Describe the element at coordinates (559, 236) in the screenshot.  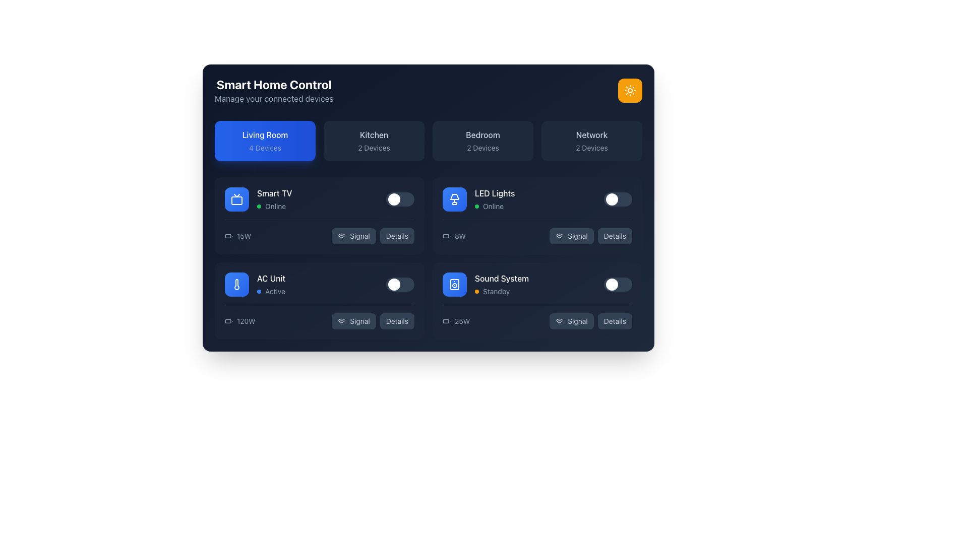
I see `the Wi-Fi signal status icon located in the 'Signal' button, which is in the second row and second column of the grid of controls` at that location.